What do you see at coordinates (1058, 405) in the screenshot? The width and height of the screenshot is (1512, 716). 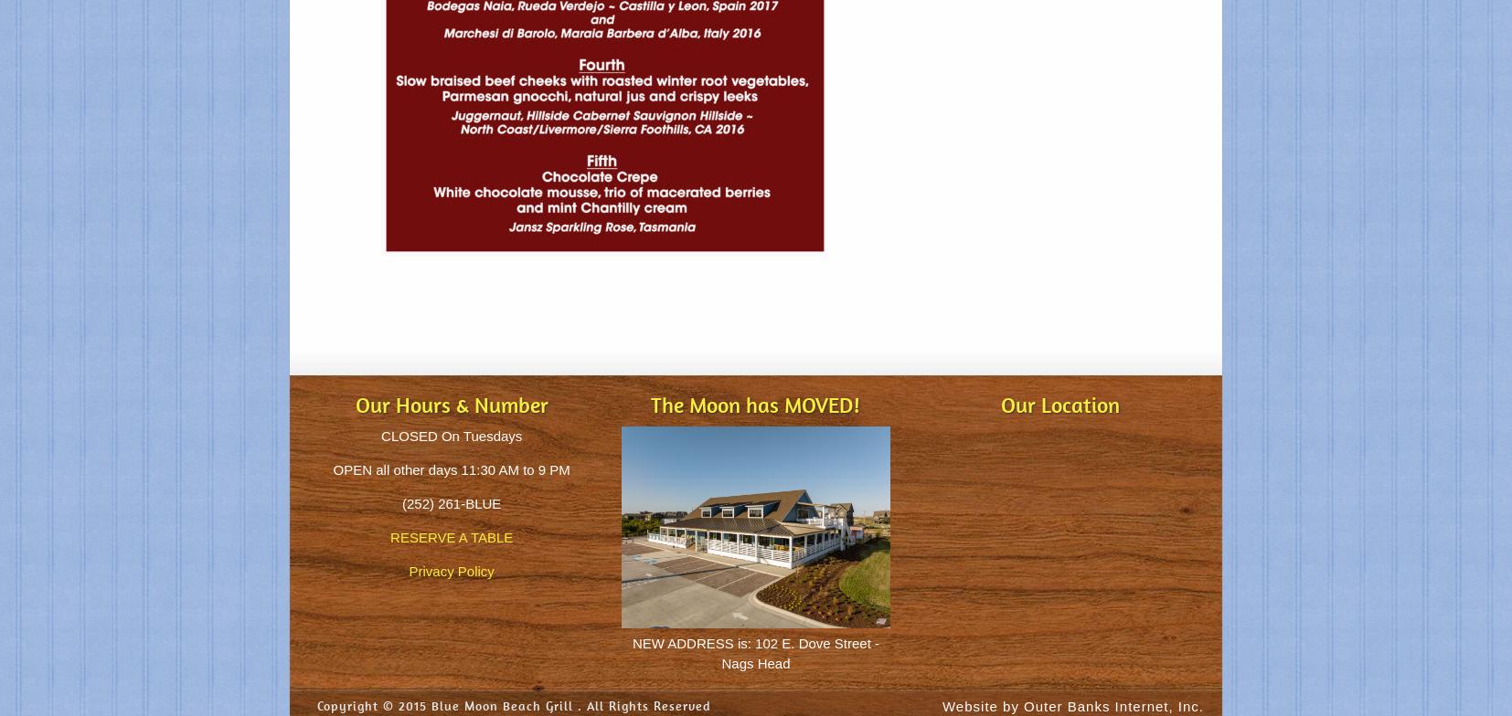 I see `'Our Location'` at bounding box center [1058, 405].